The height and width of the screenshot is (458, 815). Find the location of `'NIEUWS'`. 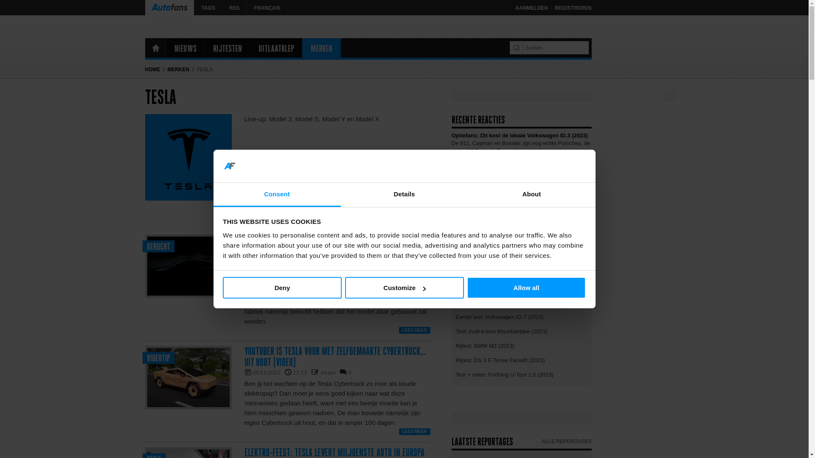

'NIEUWS' is located at coordinates (185, 47).